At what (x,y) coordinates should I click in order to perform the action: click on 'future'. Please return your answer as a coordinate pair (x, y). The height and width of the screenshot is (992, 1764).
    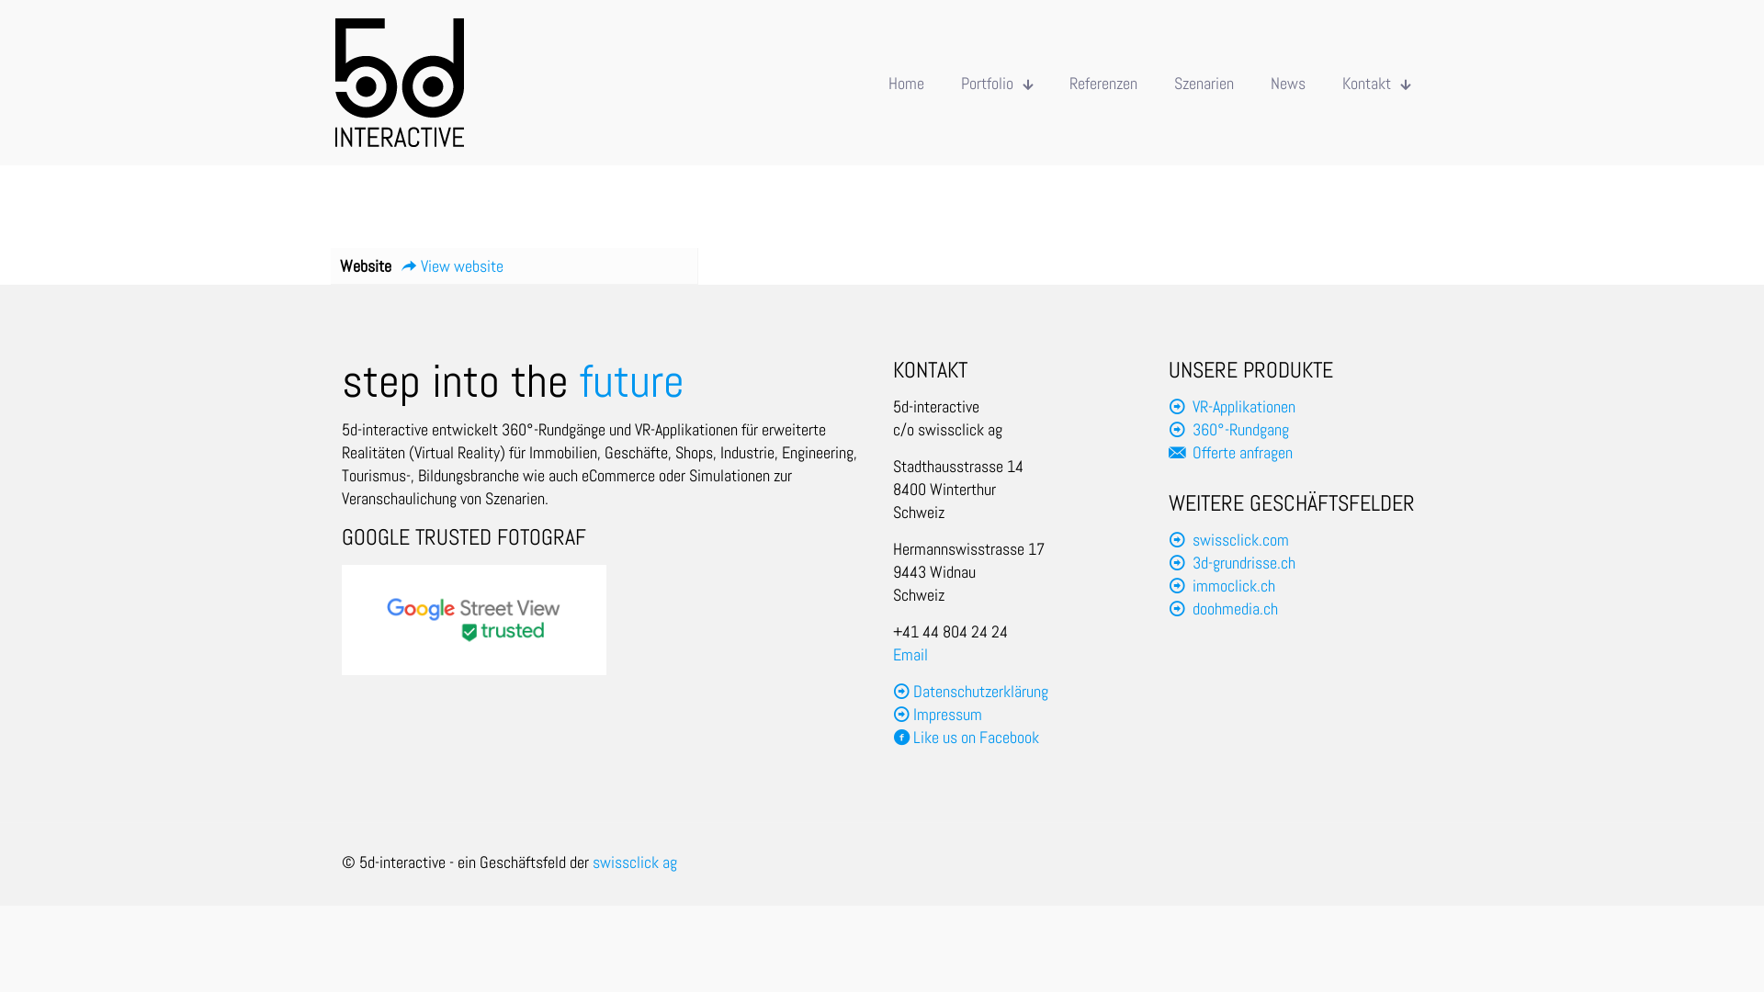
    Looking at the image, I should click on (631, 380).